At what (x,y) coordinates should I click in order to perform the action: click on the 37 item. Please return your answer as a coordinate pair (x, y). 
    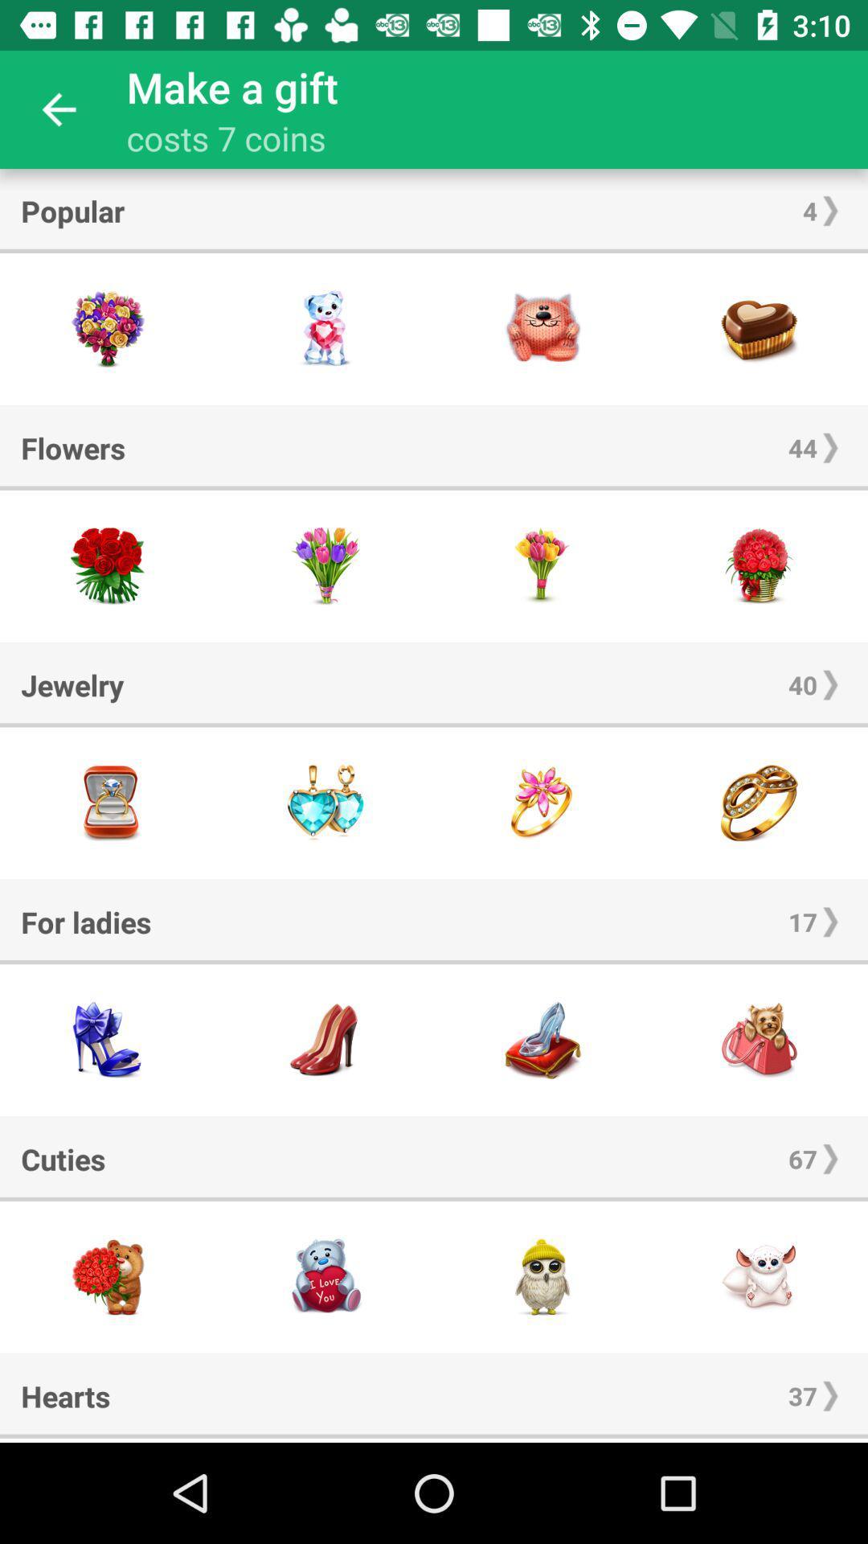
    Looking at the image, I should click on (803, 1394).